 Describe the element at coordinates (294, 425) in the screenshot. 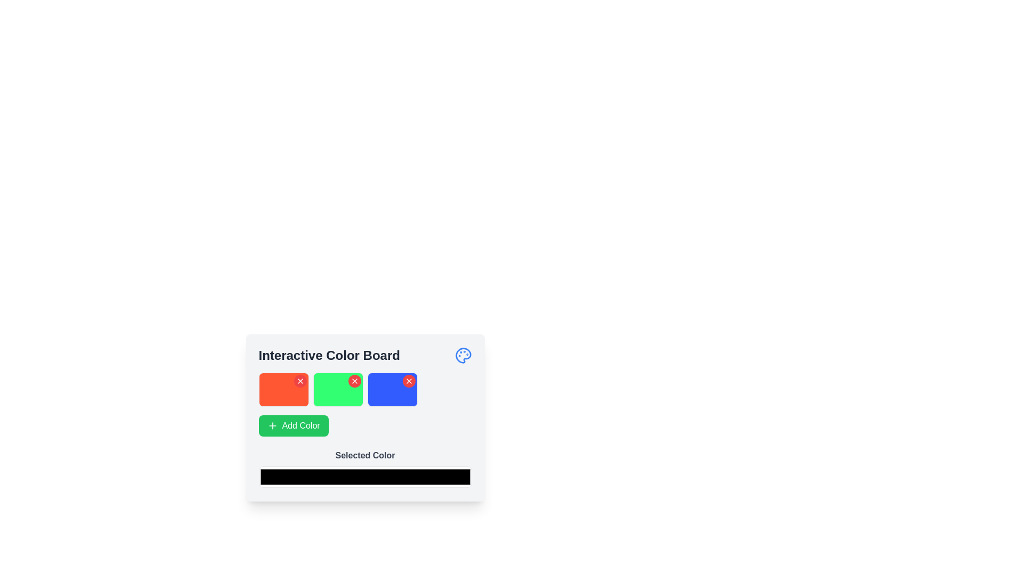

I see `the button that adds a new color to the interface, located below the three colored boxes (red, green, and blue), which spans horizontally across the lower section of its group` at that location.